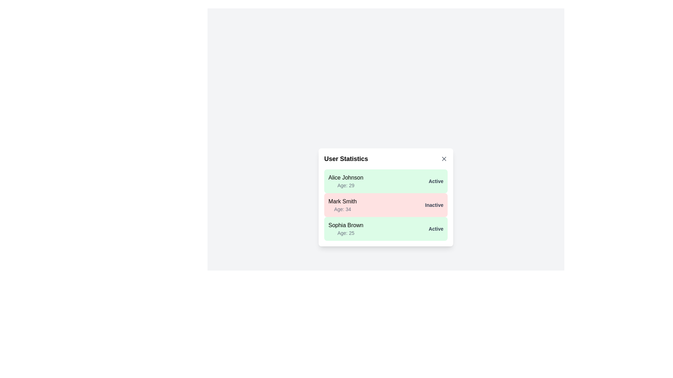 This screenshot has width=673, height=378. Describe the element at coordinates (385, 205) in the screenshot. I see `the user entry corresponding to Mark Smith to inspect their details` at that location.